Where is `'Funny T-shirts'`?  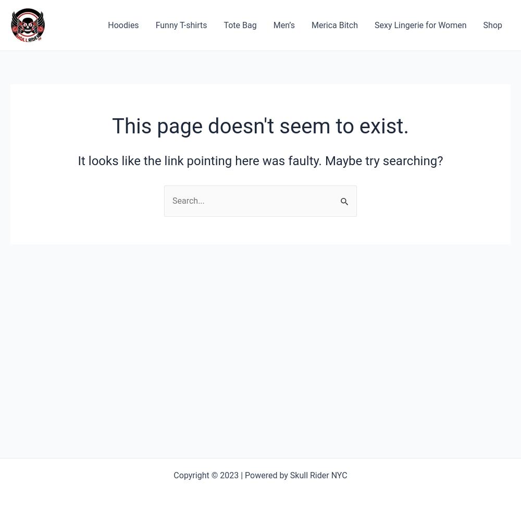 'Funny T-shirts' is located at coordinates (155, 24).